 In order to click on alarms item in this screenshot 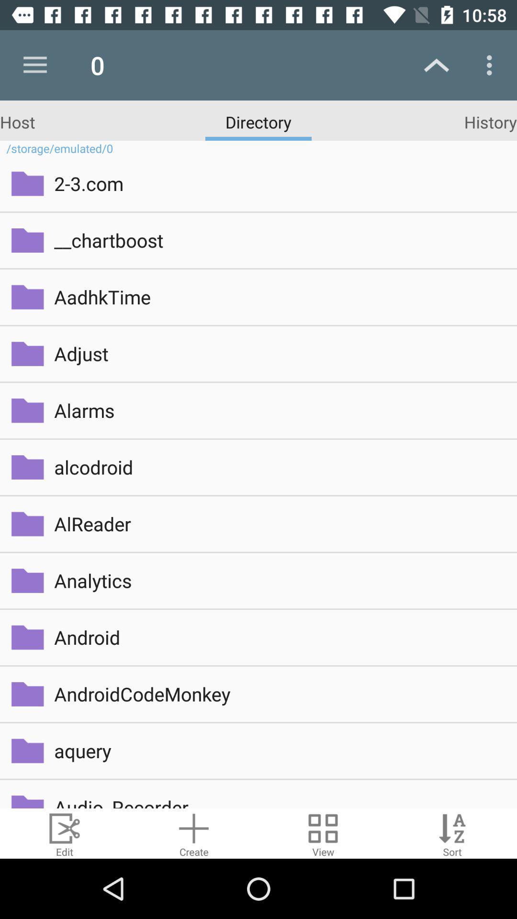, I will do `click(279, 410)`.